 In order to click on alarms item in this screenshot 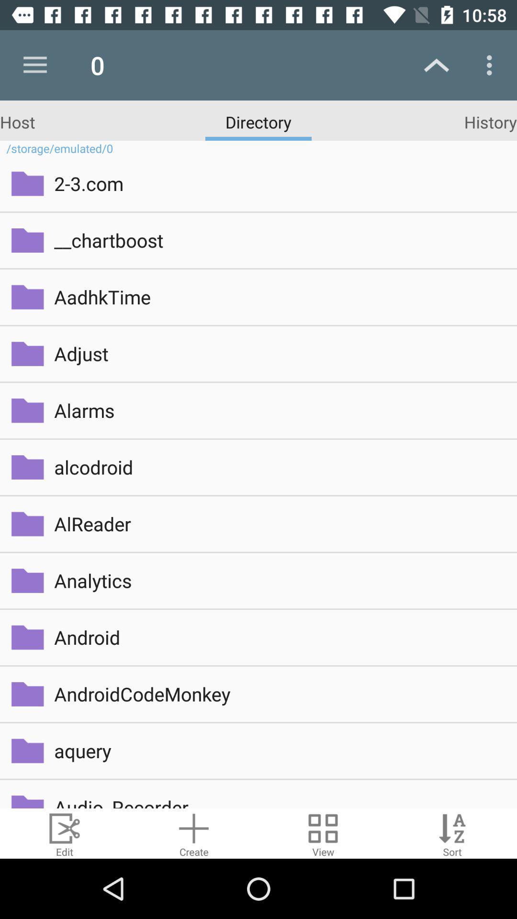, I will do `click(279, 410)`.